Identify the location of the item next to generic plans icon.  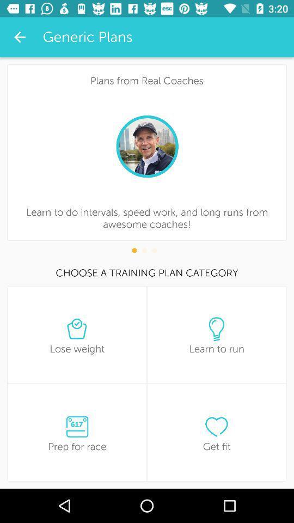
(20, 37).